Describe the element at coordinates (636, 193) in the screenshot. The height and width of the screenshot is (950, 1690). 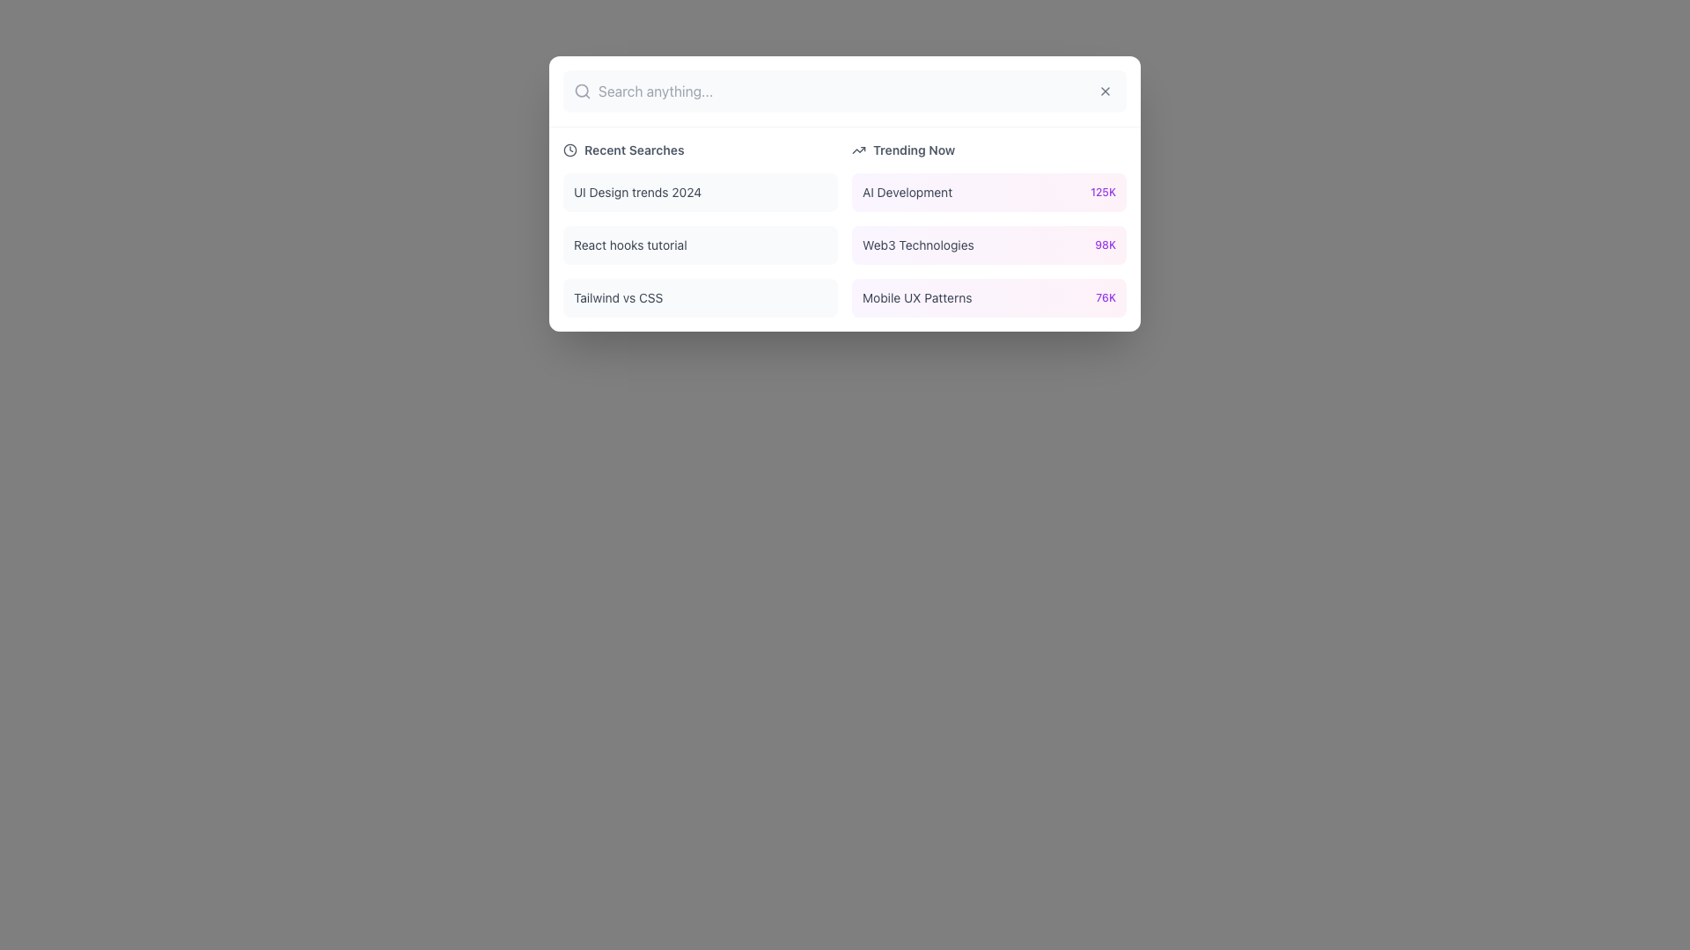
I see `the text label displaying 'UI Design trends 2024' located at the top of the 'Recent Searches' column` at that location.